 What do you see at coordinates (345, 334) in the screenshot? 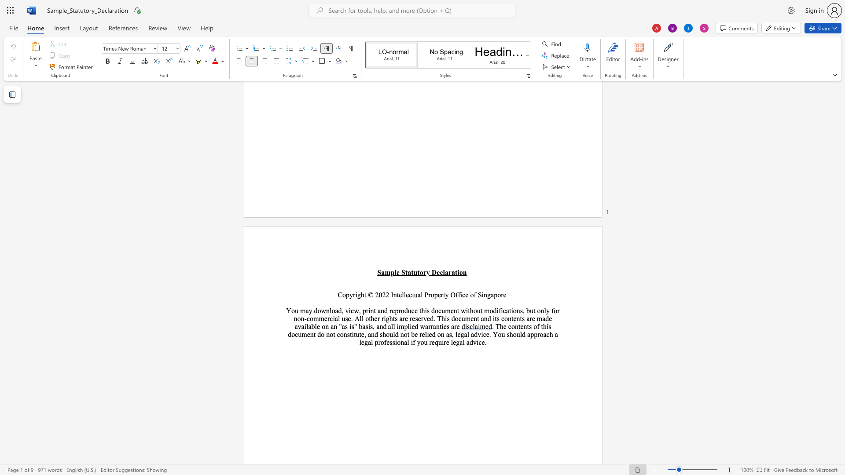
I see `the 2th character "n" in the text` at bounding box center [345, 334].